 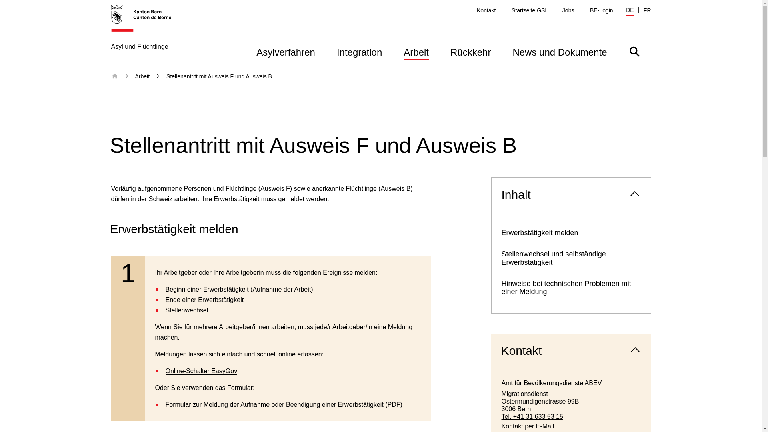 I want to click on 'Suche ein- oder ausblenden', so click(x=634, y=51).